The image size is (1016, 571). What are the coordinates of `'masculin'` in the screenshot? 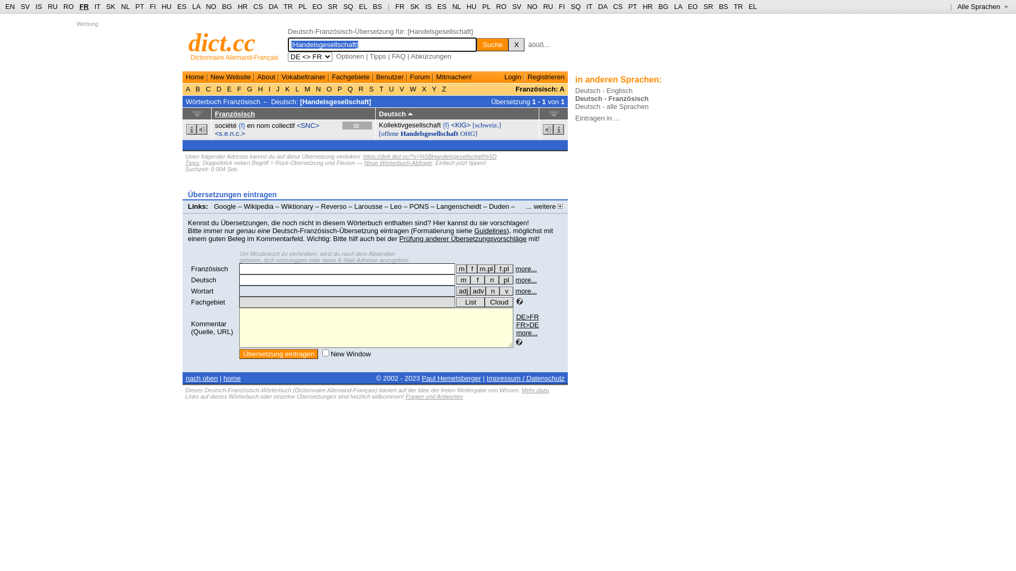 It's located at (461, 268).